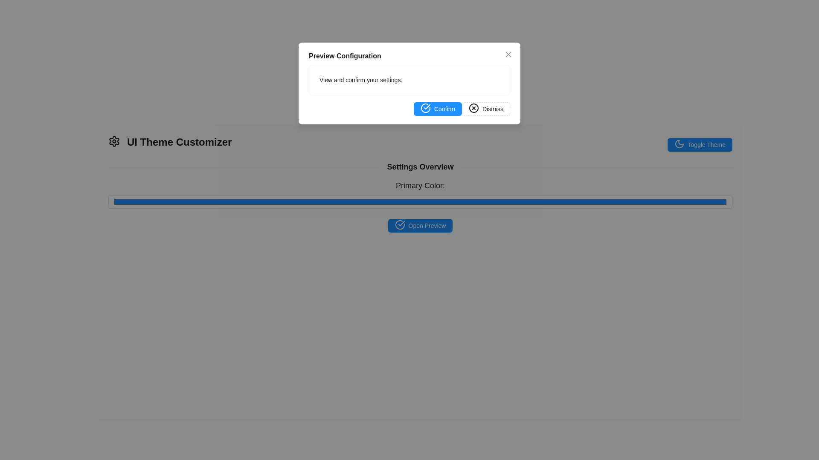 The width and height of the screenshot is (819, 460). What do you see at coordinates (427, 225) in the screenshot?
I see `the 'Open Preview' text label, which is located inside a button at the bottom center of the interface` at bounding box center [427, 225].